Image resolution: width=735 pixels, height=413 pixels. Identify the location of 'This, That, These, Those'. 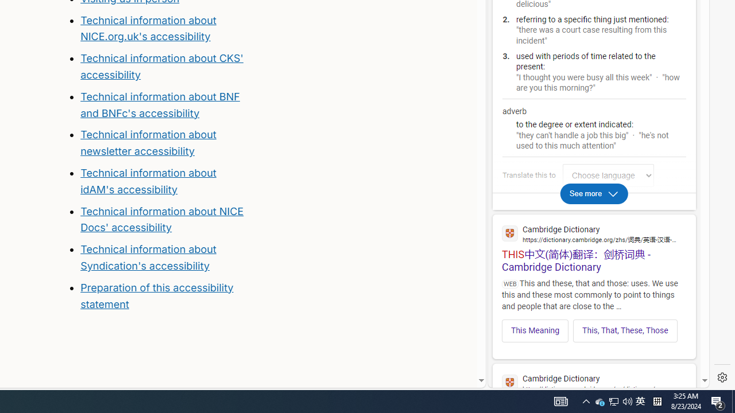
(625, 330).